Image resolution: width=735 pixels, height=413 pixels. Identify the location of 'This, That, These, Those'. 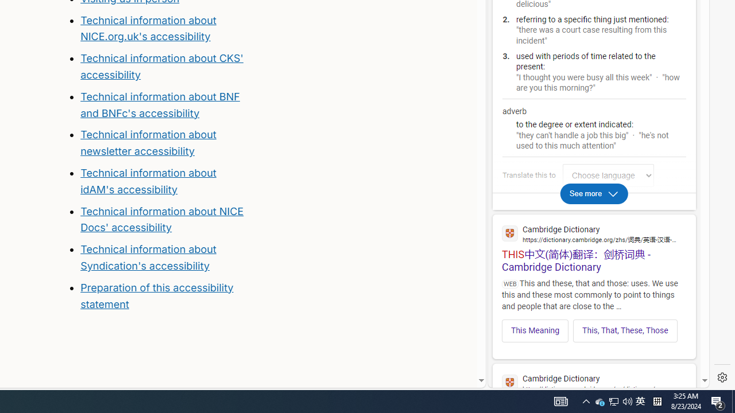
(625, 330).